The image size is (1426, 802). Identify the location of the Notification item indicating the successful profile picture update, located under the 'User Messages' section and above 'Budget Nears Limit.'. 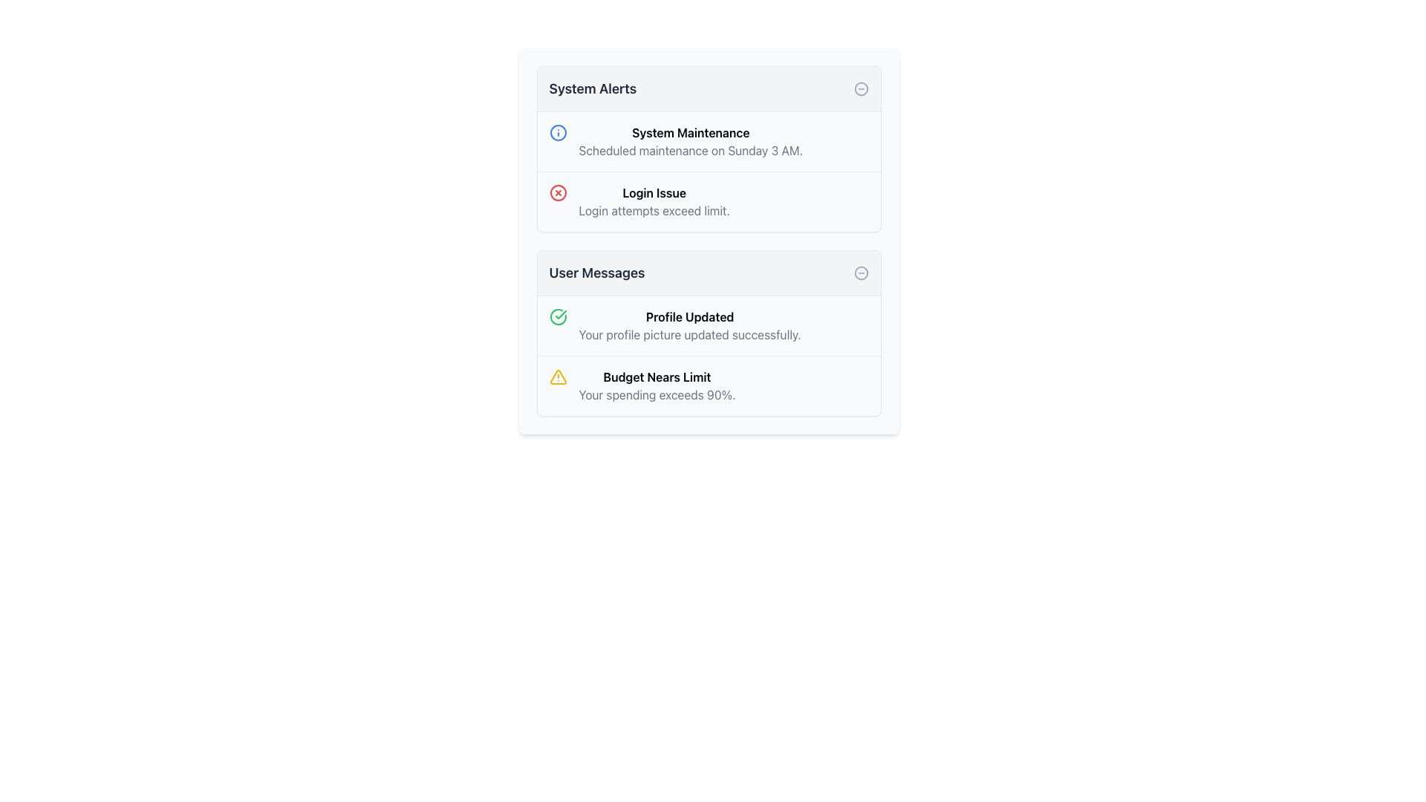
(708, 325).